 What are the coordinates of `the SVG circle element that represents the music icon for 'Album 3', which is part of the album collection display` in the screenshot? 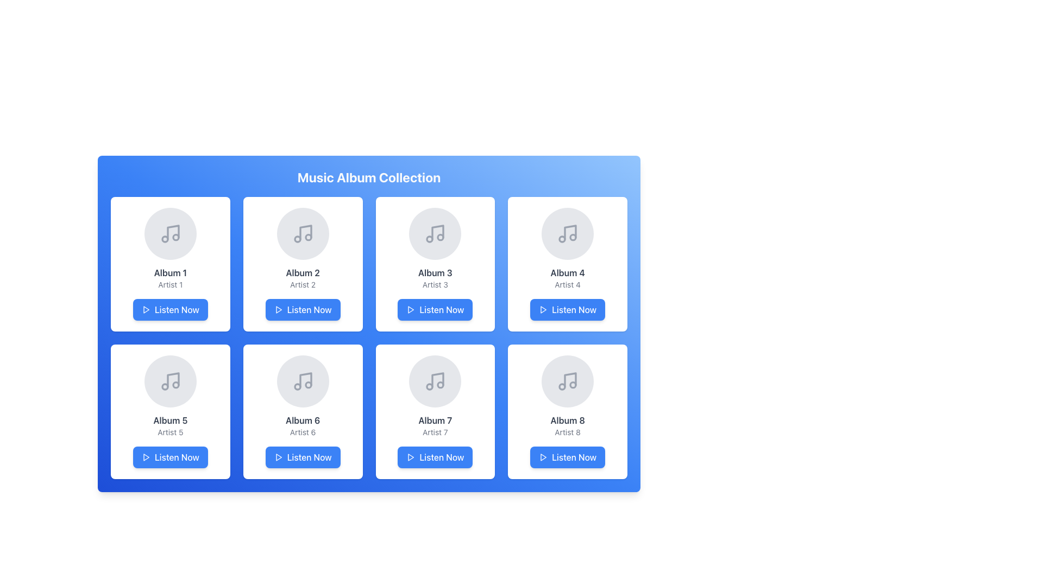 It's located at (429, 238).